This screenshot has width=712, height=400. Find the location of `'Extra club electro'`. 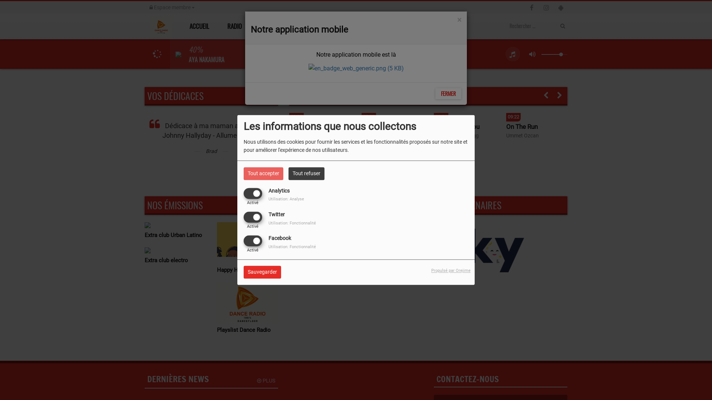

'Extra club electro' is located at coordinates (175, 260).